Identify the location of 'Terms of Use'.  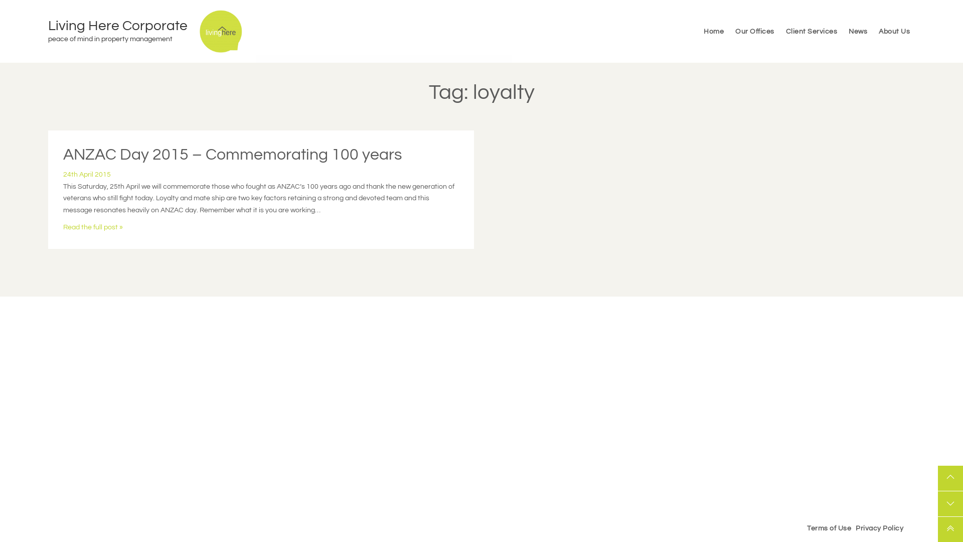
(806, 528).